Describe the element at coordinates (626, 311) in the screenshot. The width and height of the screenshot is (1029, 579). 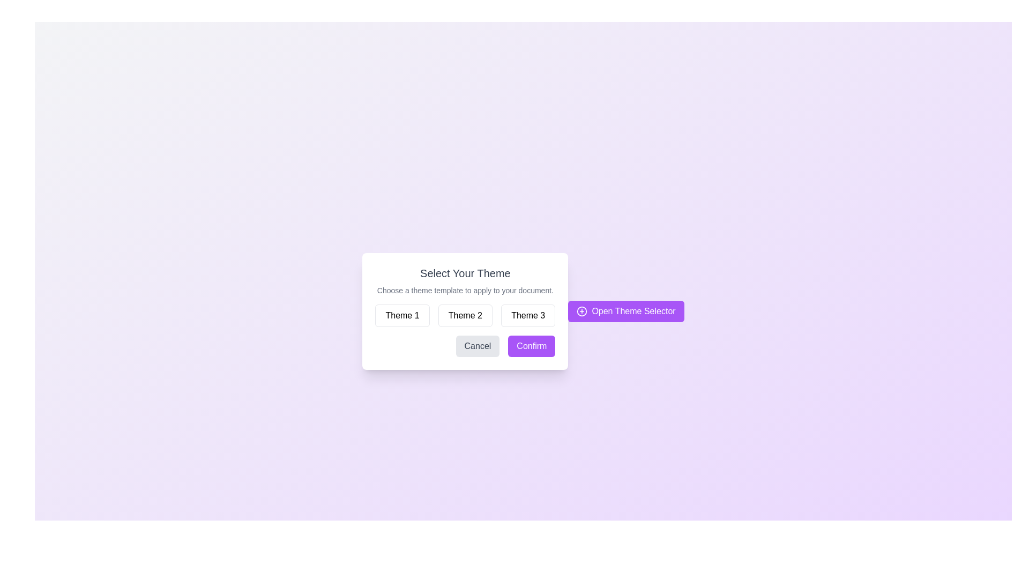
I see `the rectangular button with a purple background and white text saying 'Open Theme Selector'` at that location.